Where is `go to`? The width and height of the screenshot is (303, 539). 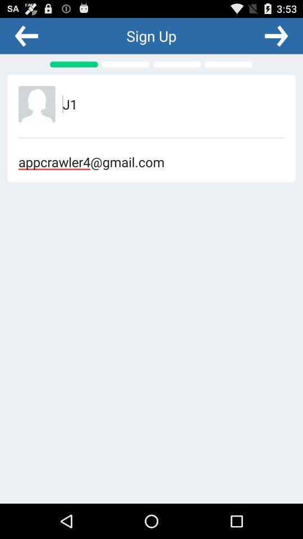
go to is located at coordinates (276, 35).